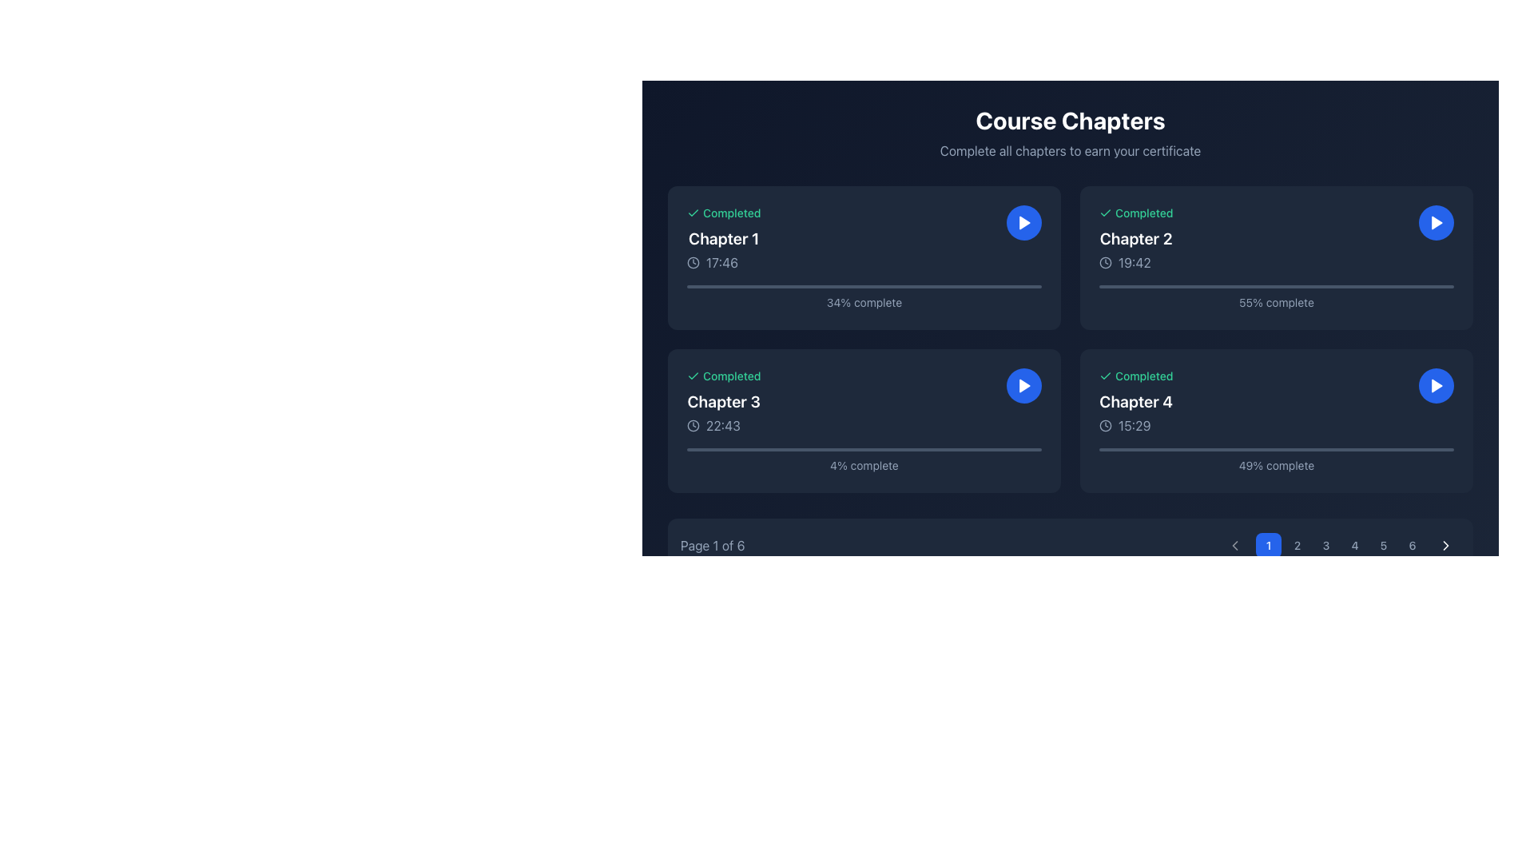  Describe the element at coordinates (1353, 544) in the screenshot. I see `the circular button labeled '4' that has a dark background and lighter font, positioned in the bottom-right section between buttons '3' and '5'` at that location.